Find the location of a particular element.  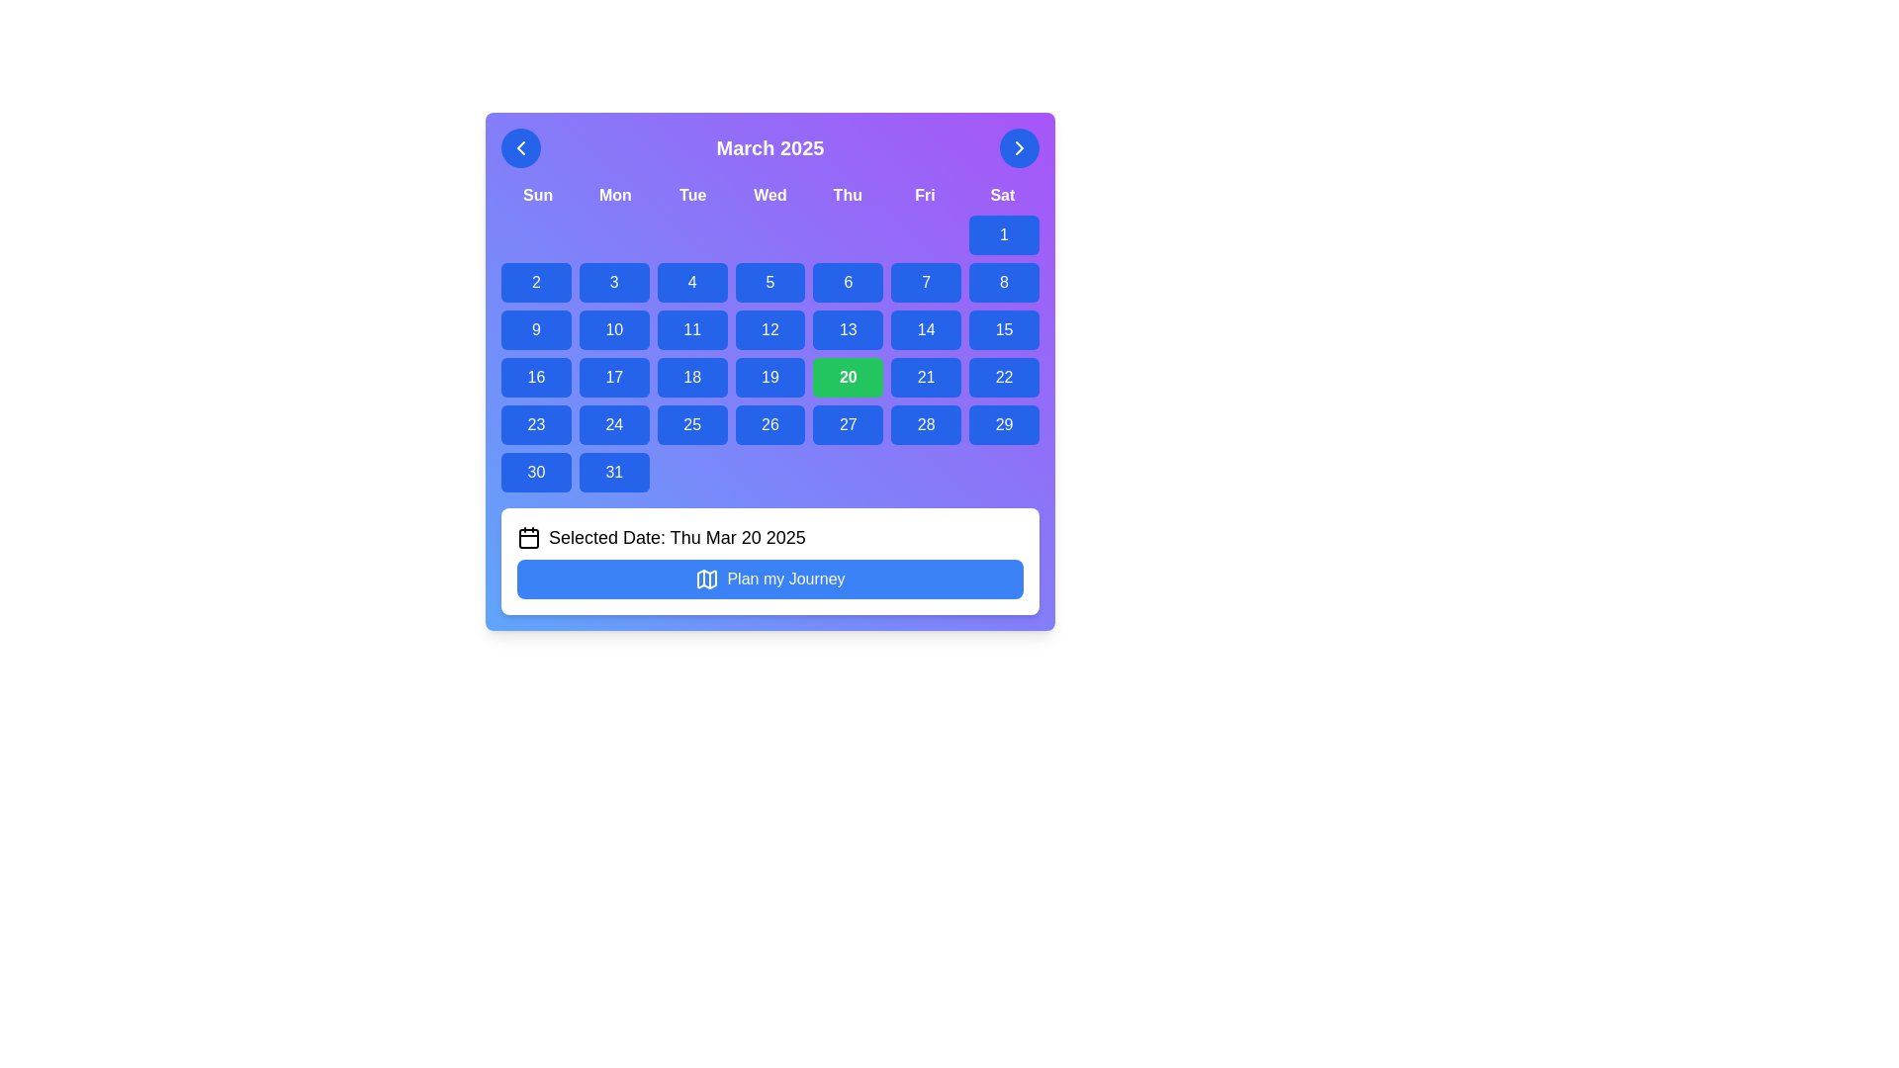

the button is located at coordinates (1004, 234).